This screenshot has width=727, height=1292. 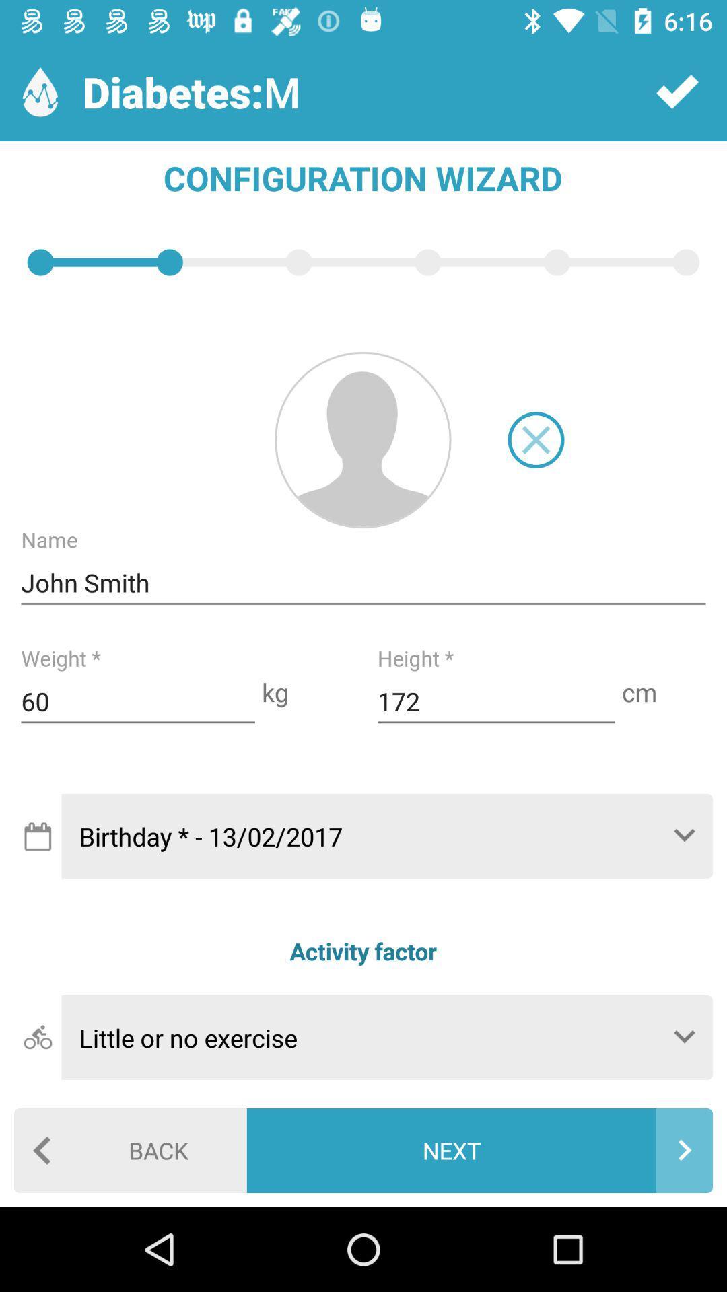 What do you see at coordinates (535, 439) in the screenshot?
I see `the close icon` at bounding box center [535, 439].